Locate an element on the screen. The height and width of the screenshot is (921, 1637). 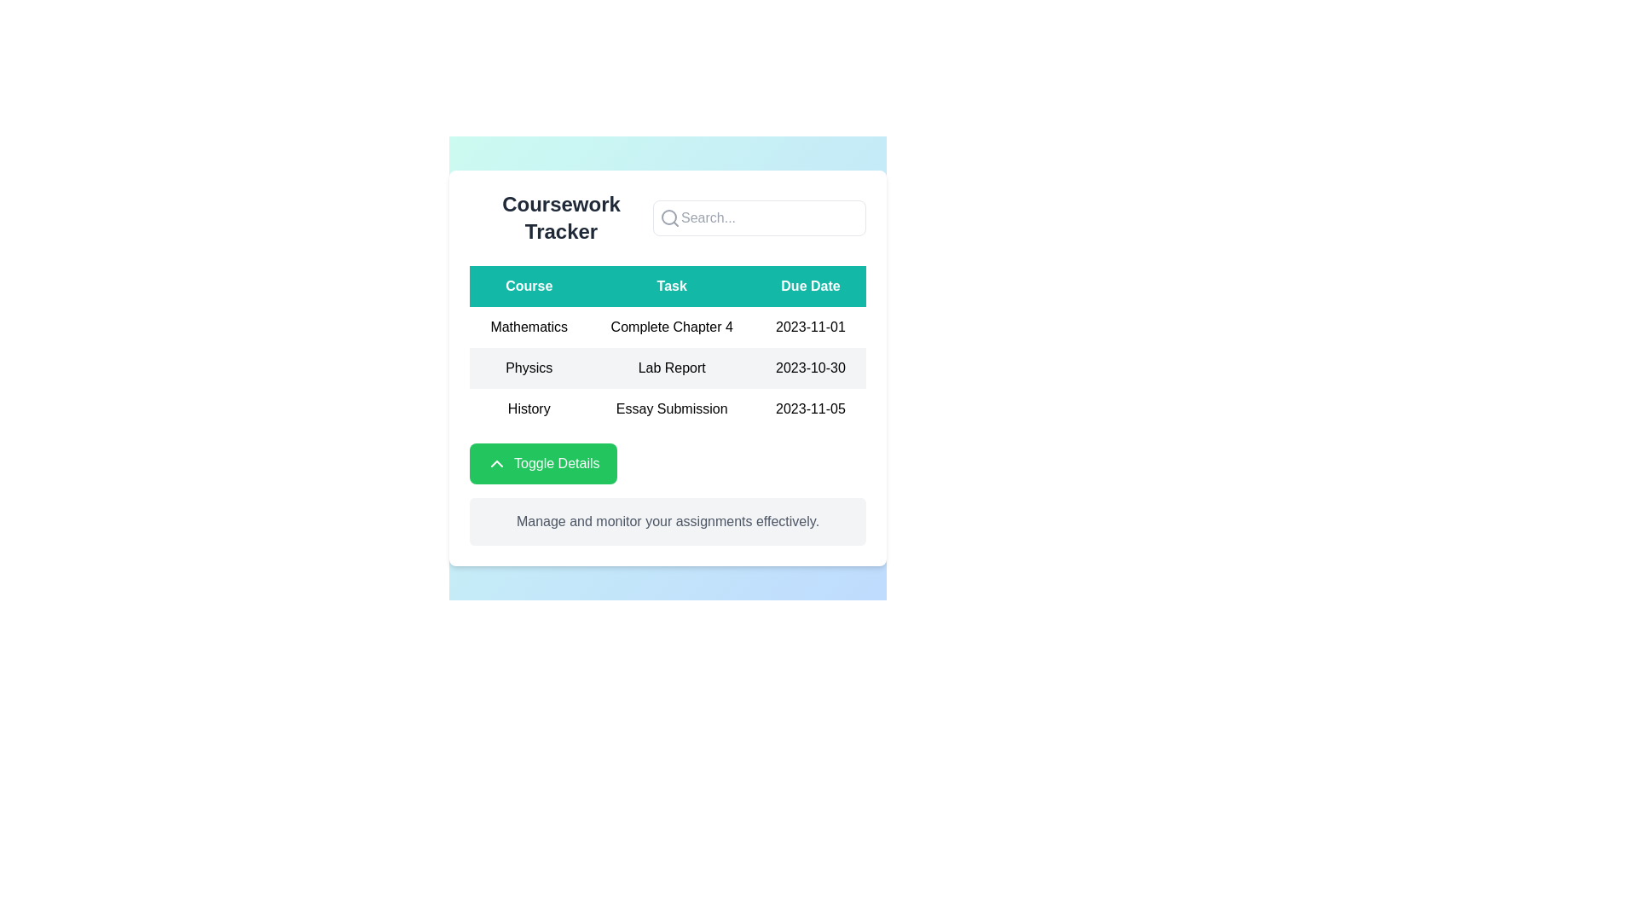
text '2023-11-01' in the 'Due Date' column of the table for the 'Mathematics' row is located at coordinates (809, 327).